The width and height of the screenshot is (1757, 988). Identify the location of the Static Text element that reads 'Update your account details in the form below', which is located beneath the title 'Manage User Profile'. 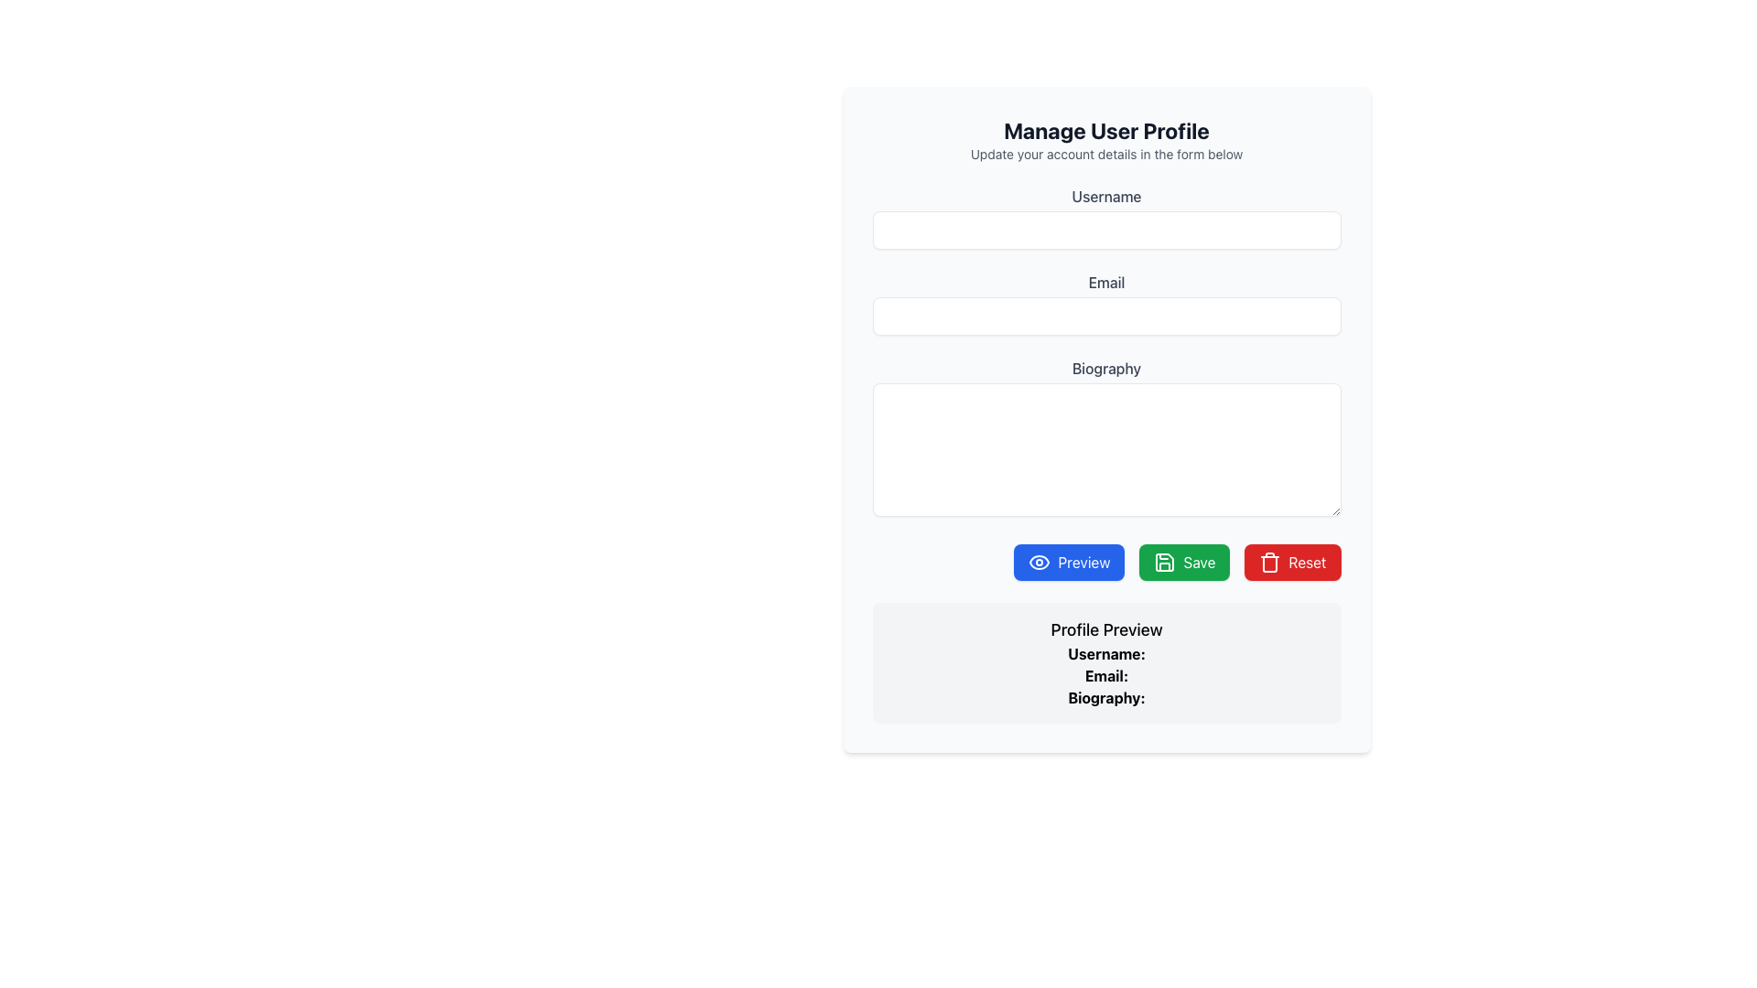
(1105, 154).